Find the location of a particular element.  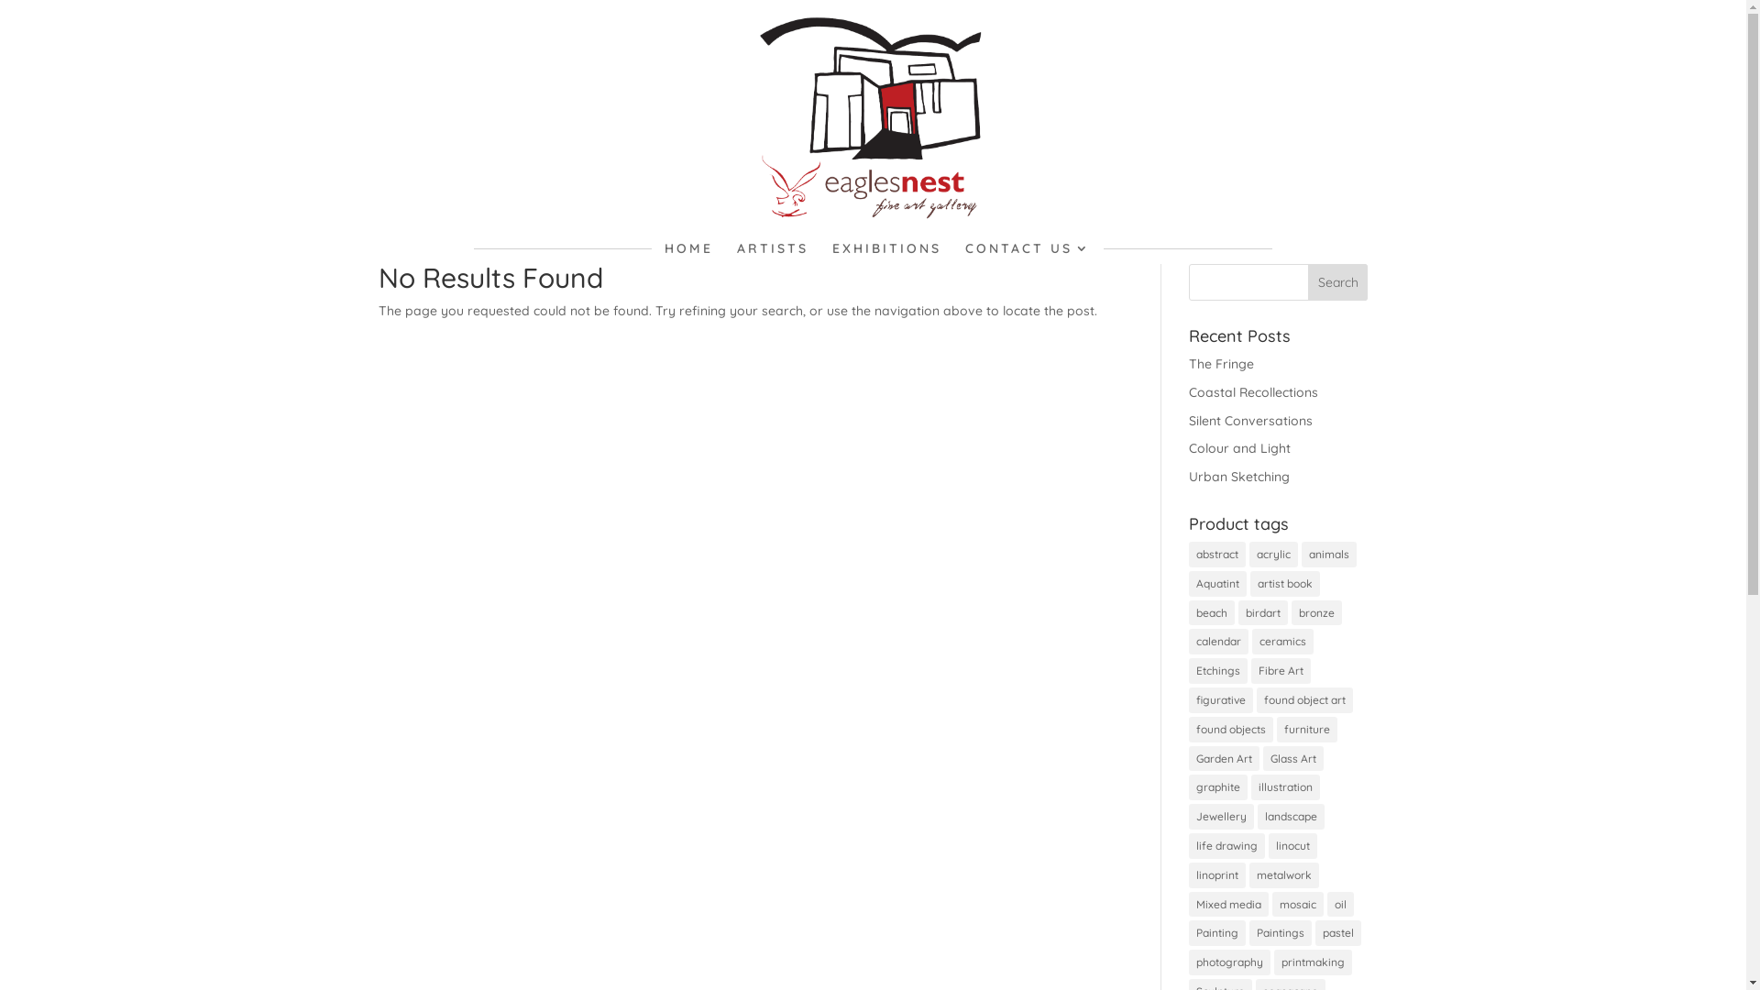

'CONTACT US' is located at coordinates (1028, 253).